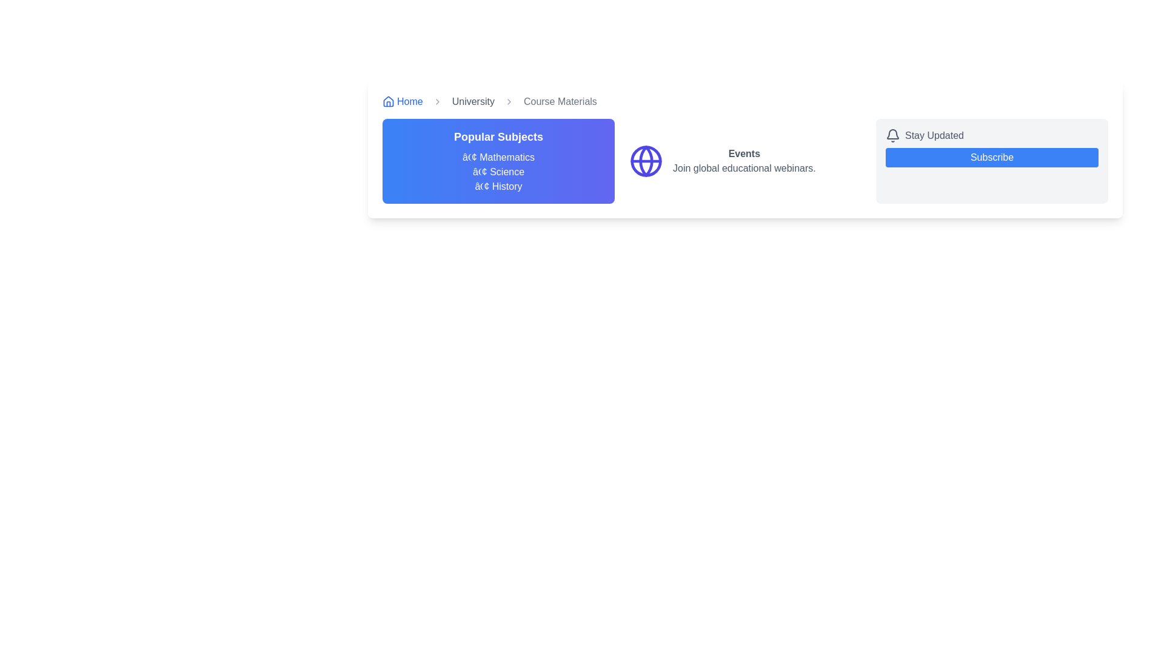 This screenshot has height=655, width=1164. What do you see at coordinates (645, 161) in the screenshot?
I see `the decorative circle element representing a globe, located within the globe icon next to the 'Popular Subjects' card and 'Events: Join global educational webinars' text` at bounding box center [645, 161].